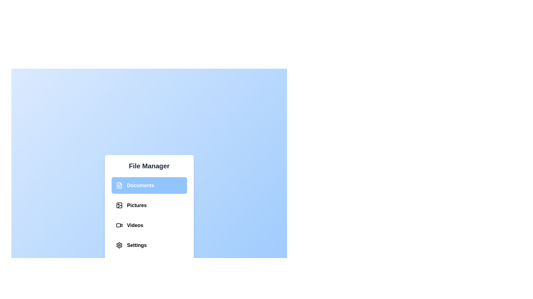 The height and width of the screenshot is (299, 533). Describe the element at coordinates (119, 185) in the screenshot. I see `the Documents section in the File Management Menu` at that location.